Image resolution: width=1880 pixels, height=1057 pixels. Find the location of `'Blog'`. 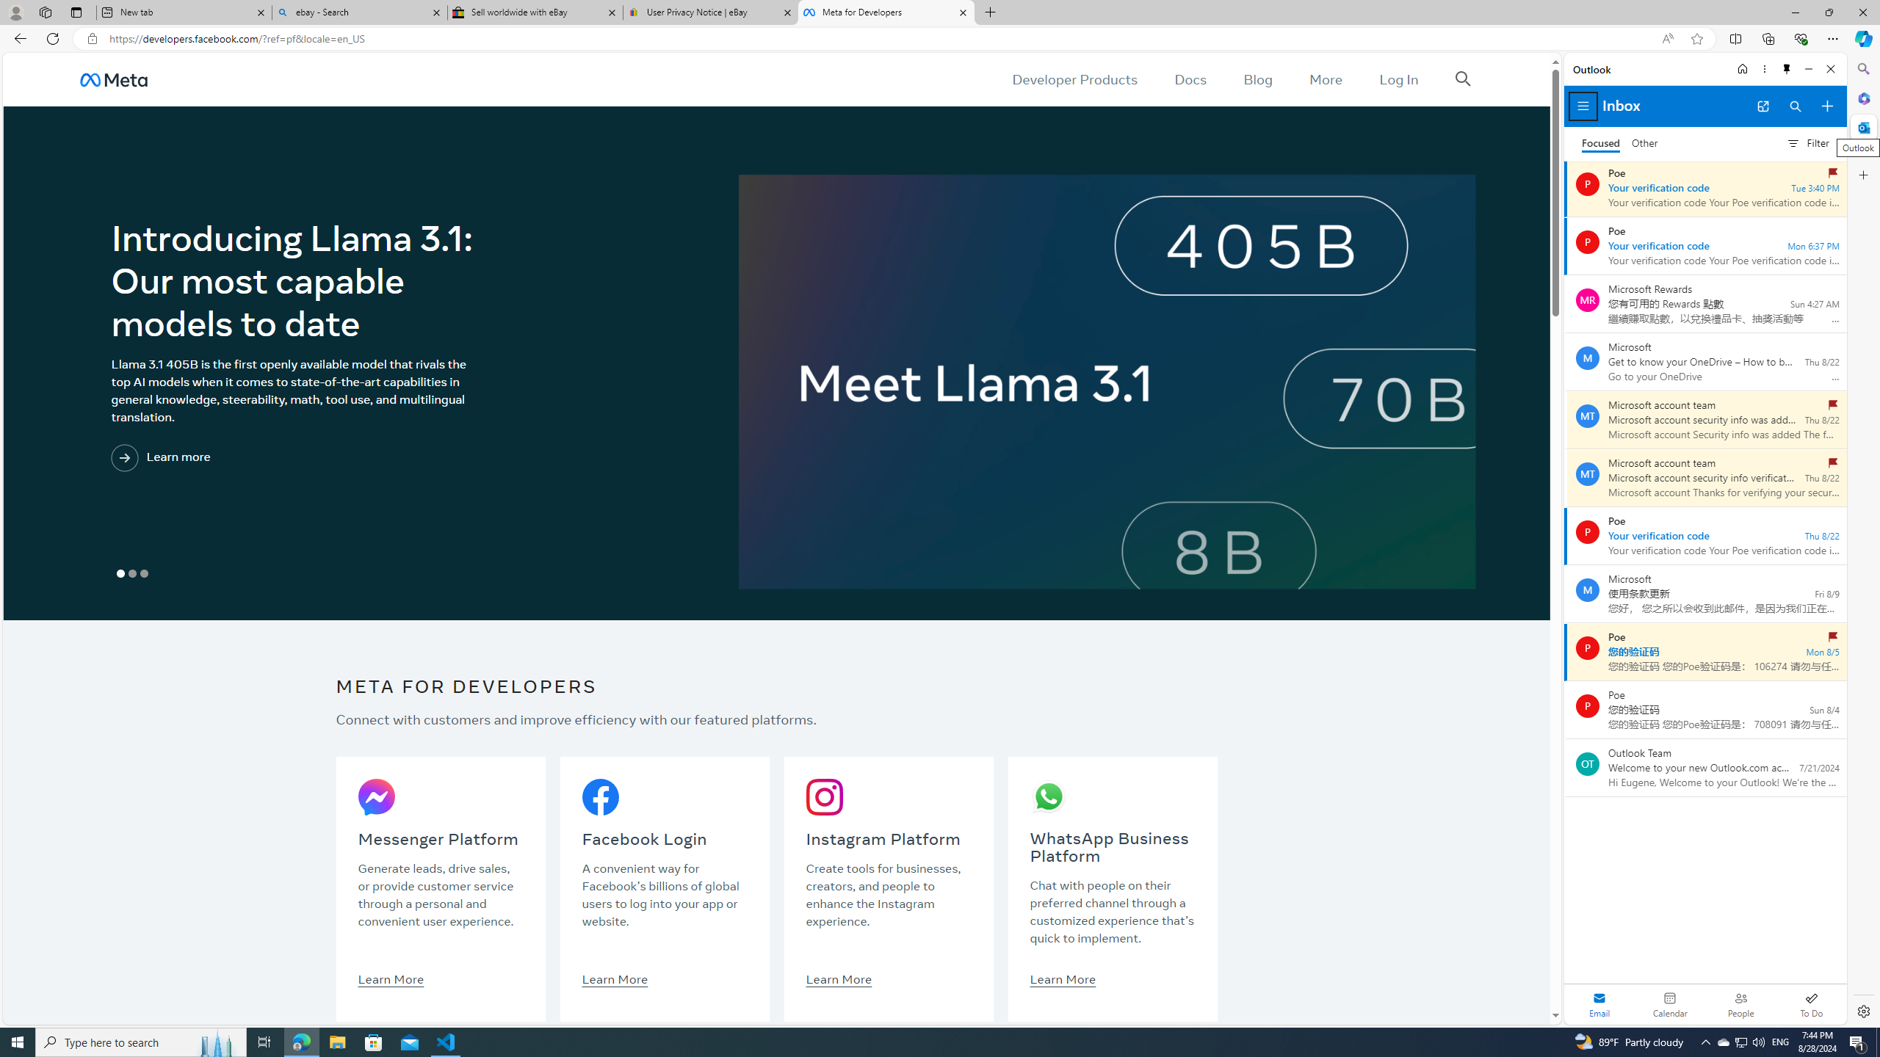

'Blog' is located at coordinates (1257, 79).